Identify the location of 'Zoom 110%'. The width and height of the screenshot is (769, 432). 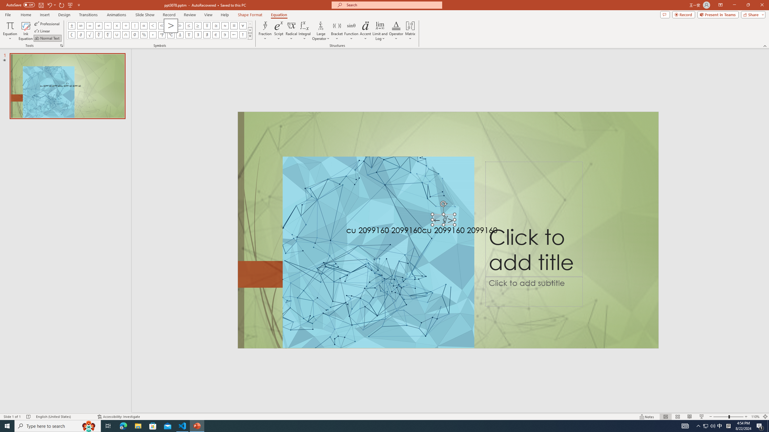
(755, 417).